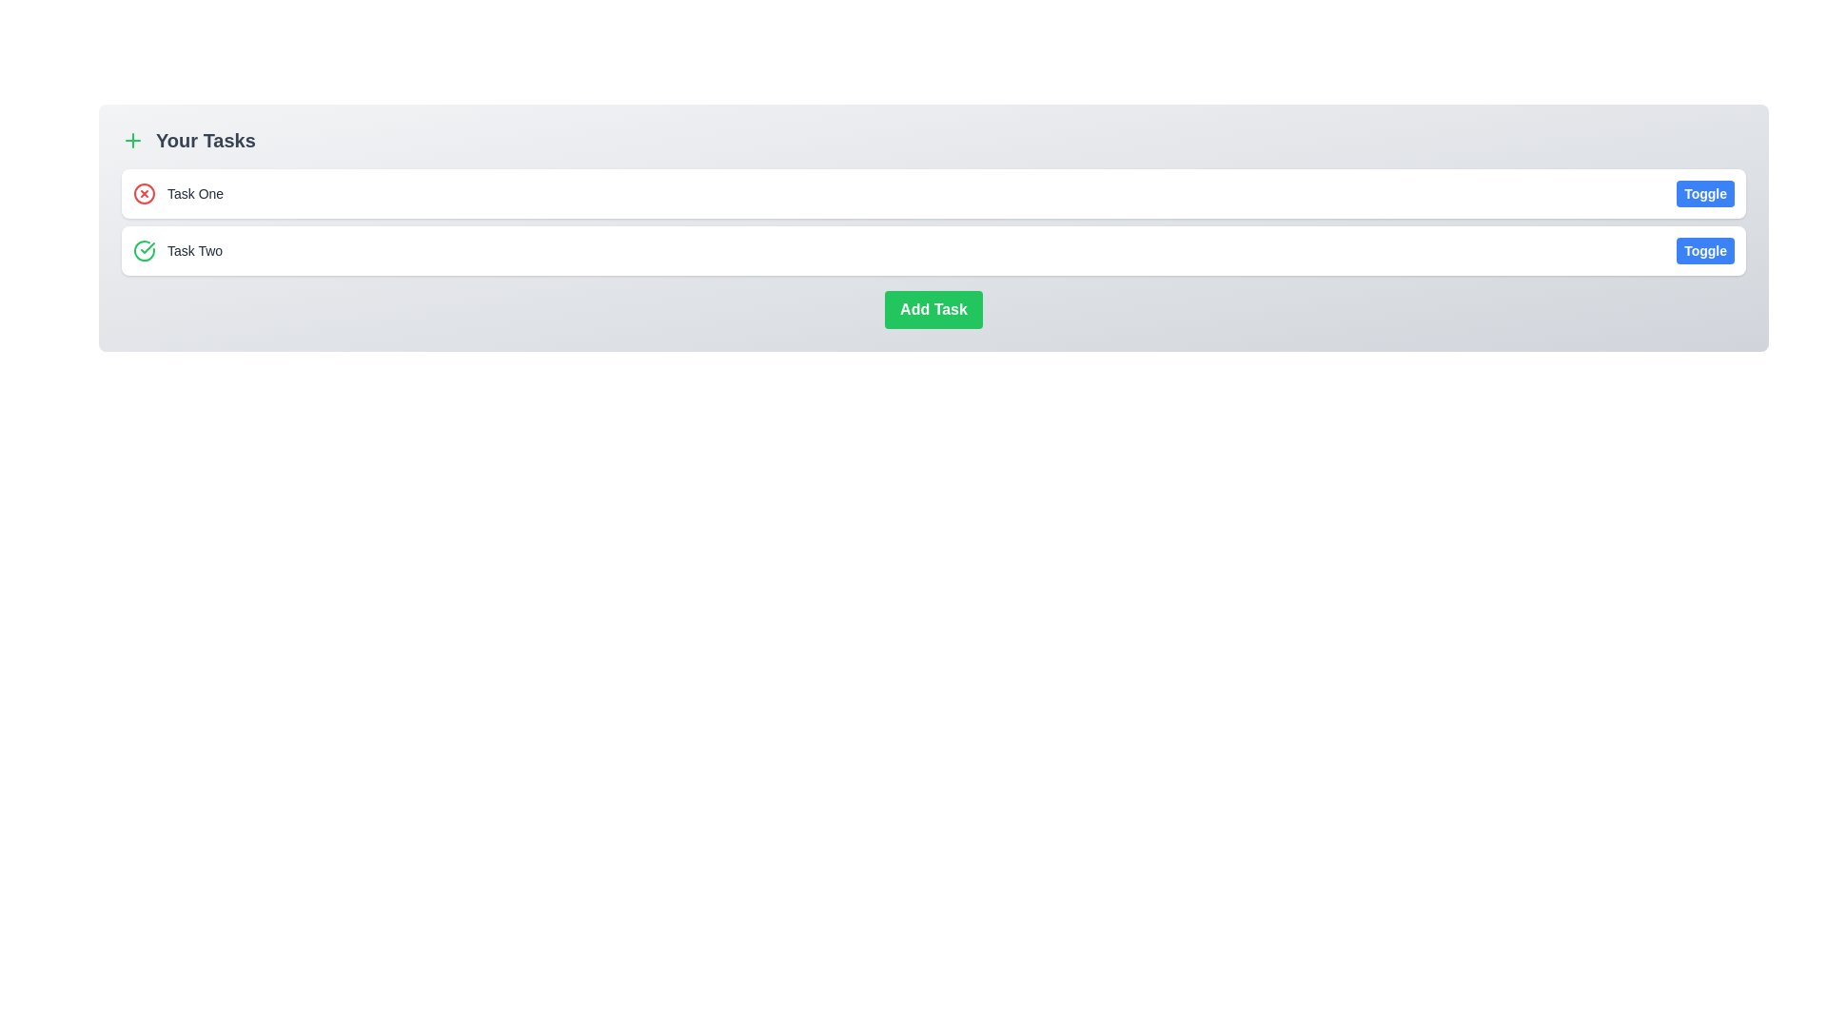 The image size is (1827, 1027). I want to click on text from the label that identifies the second task in the task list, located to the right of the green circular check icon and beneath 'Task One', so click(195, 249).